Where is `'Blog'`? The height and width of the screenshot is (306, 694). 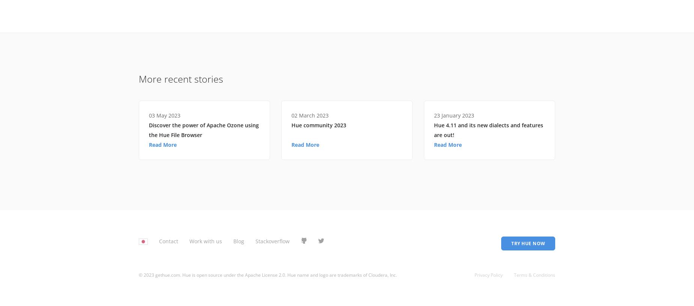
'Blog' is located at coordinates (239, 240).